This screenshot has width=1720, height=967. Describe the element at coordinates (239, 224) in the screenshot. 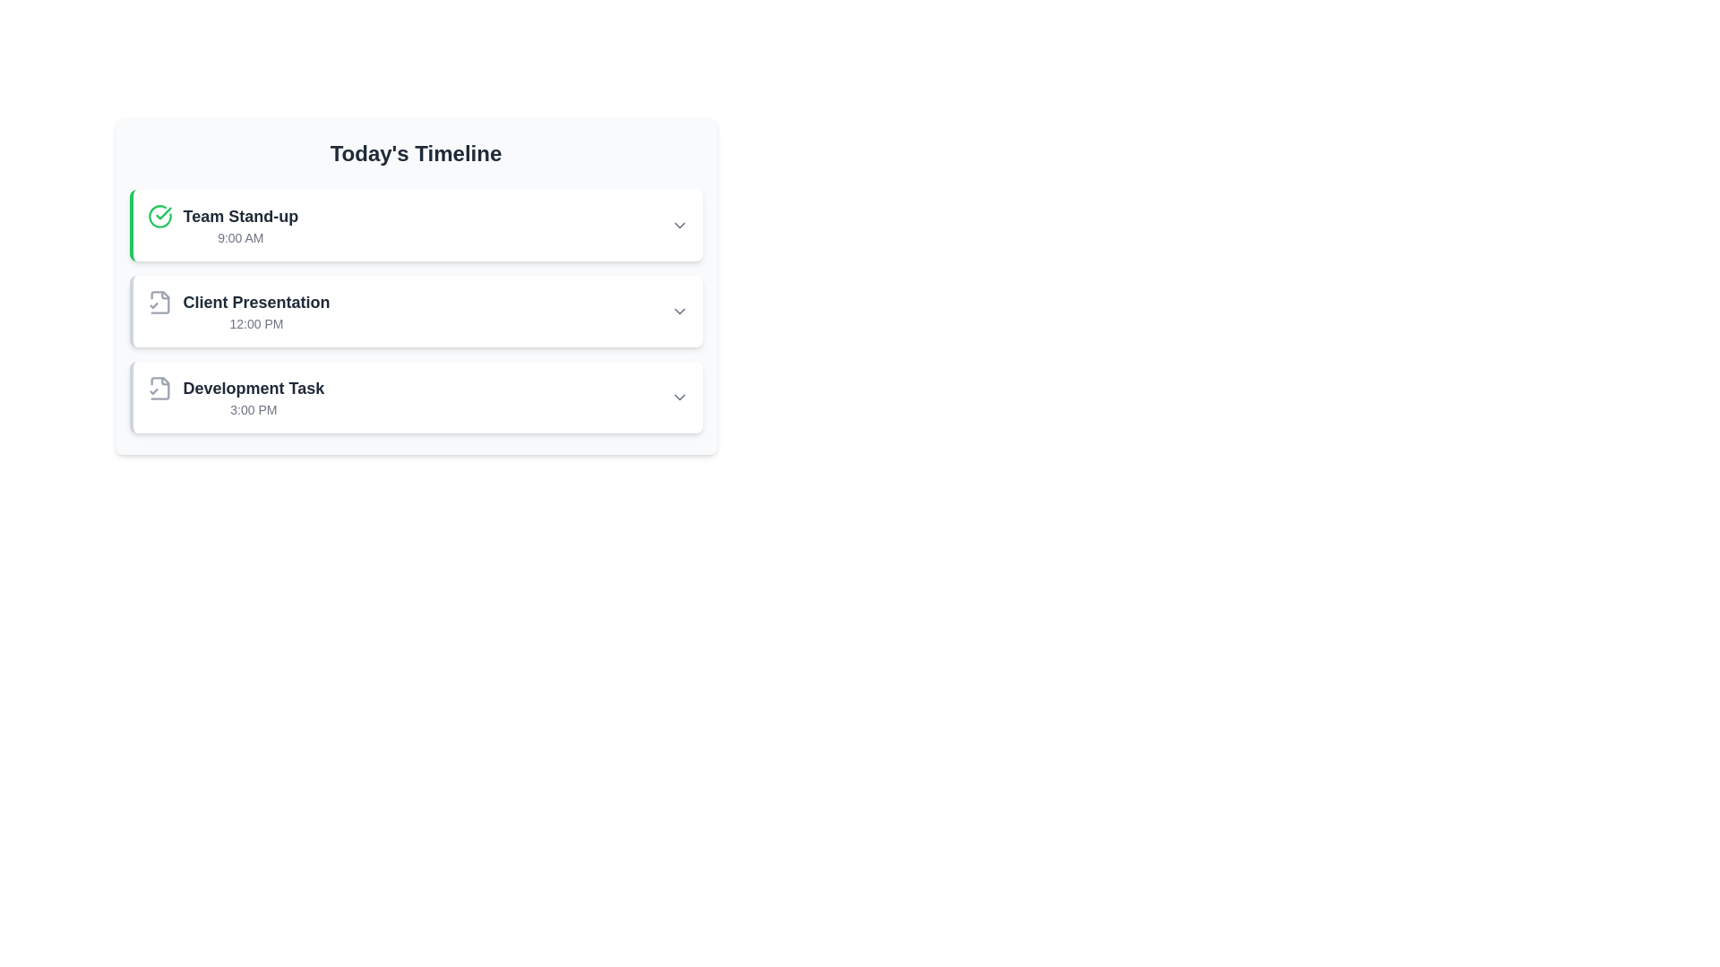

I see `the 'Team Stand-up' text block, which includes the title 'Team Stand-up' in bold and the subtitle '9:00 AM' underneath, located in the top-left section of the schedule with a green checkmark icon` at that location.